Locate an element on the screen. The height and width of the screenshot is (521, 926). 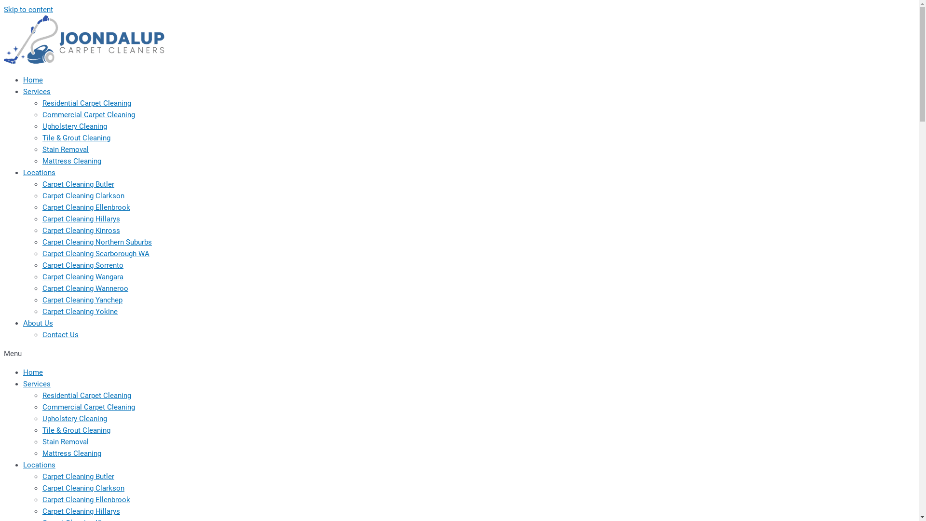
'Carpet Cleaning Yokine' is located at coordinates (80, 311).